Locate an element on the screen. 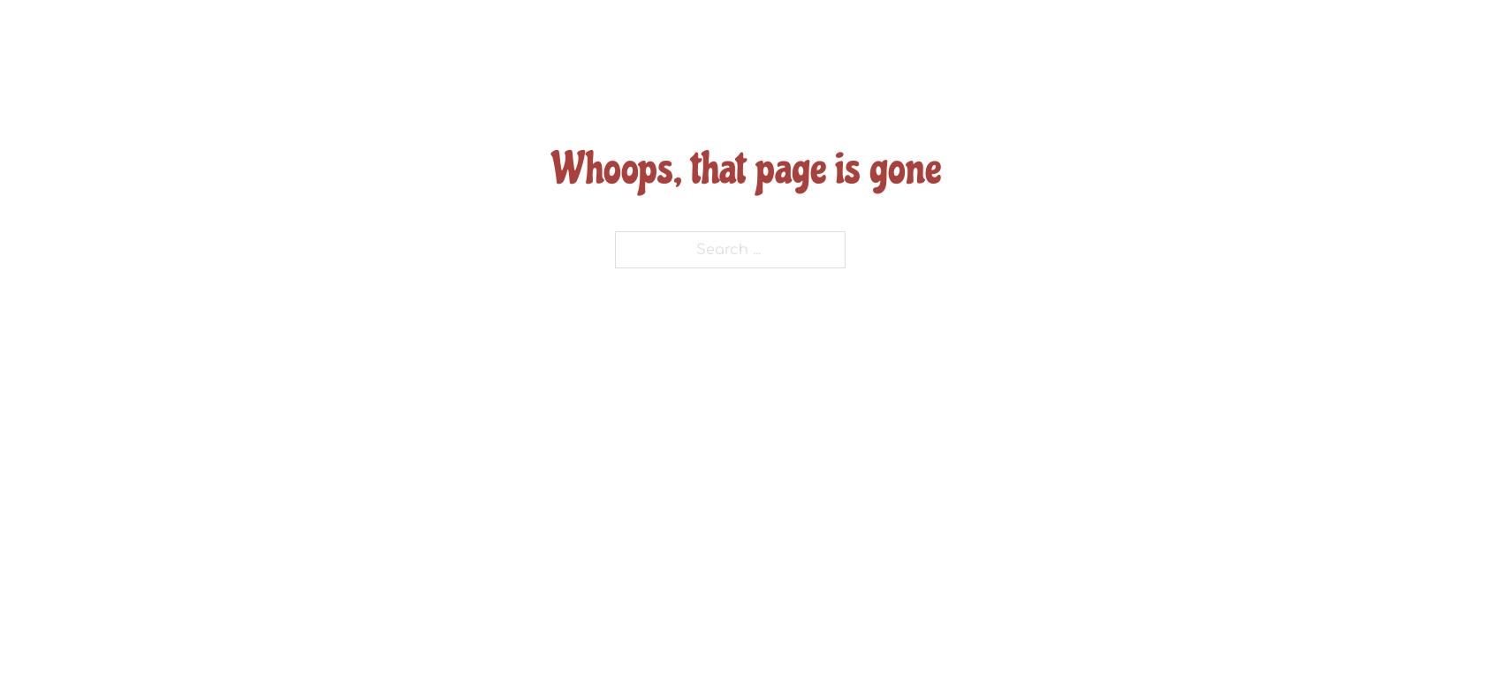 This screenshot has width=1495, height=678. 'Caring for Your Pup' is located at coordinates (841, 278).